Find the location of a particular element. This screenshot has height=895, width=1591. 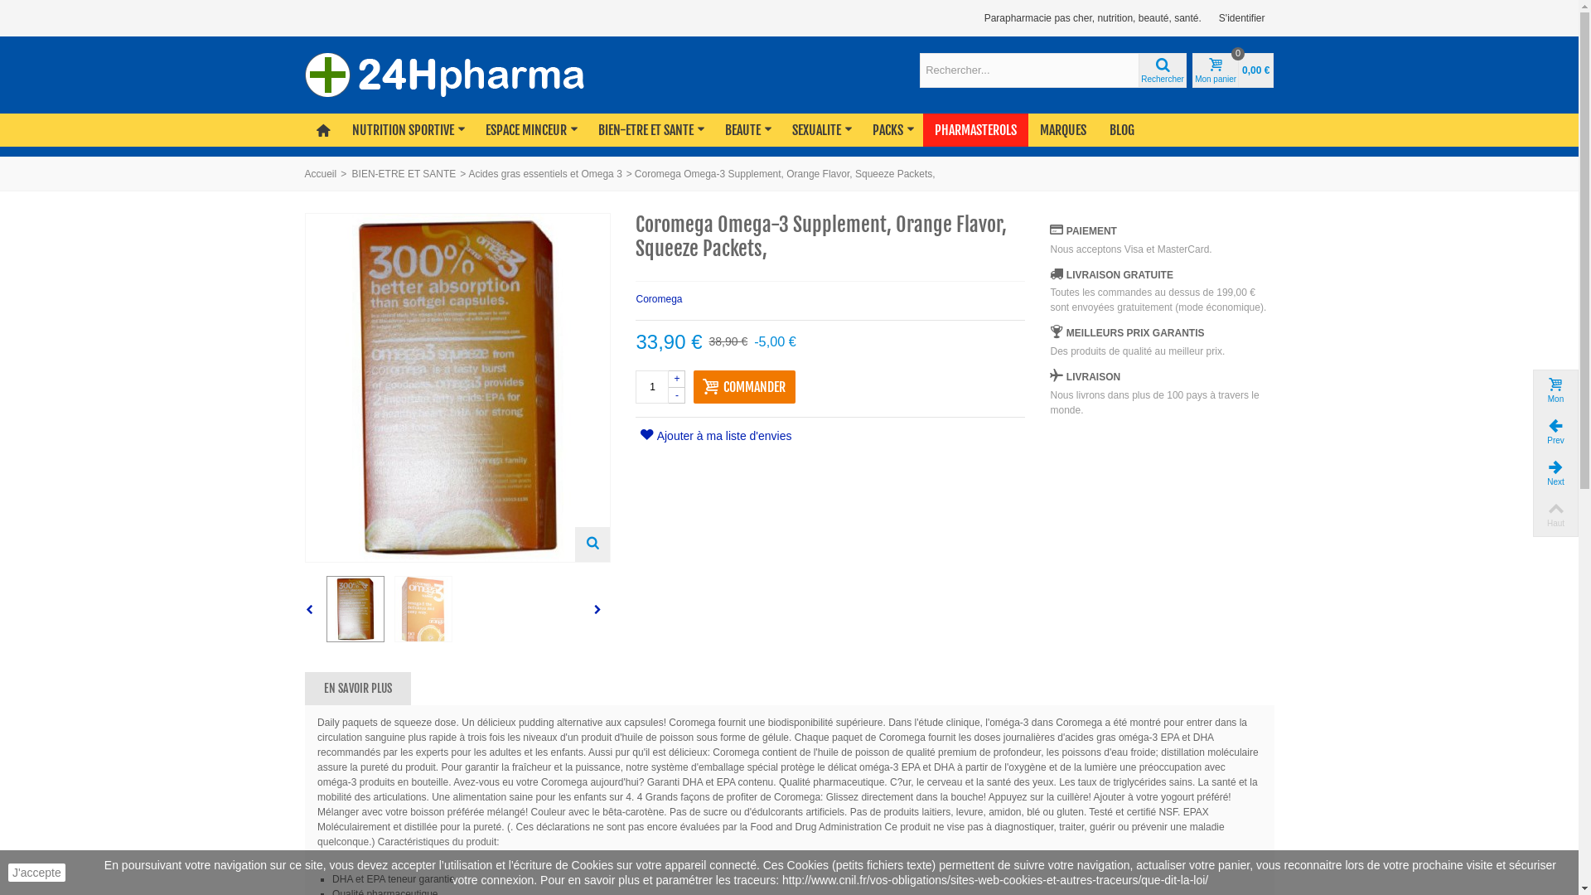

'MARQUES' is located at coordinates (1062, 129).